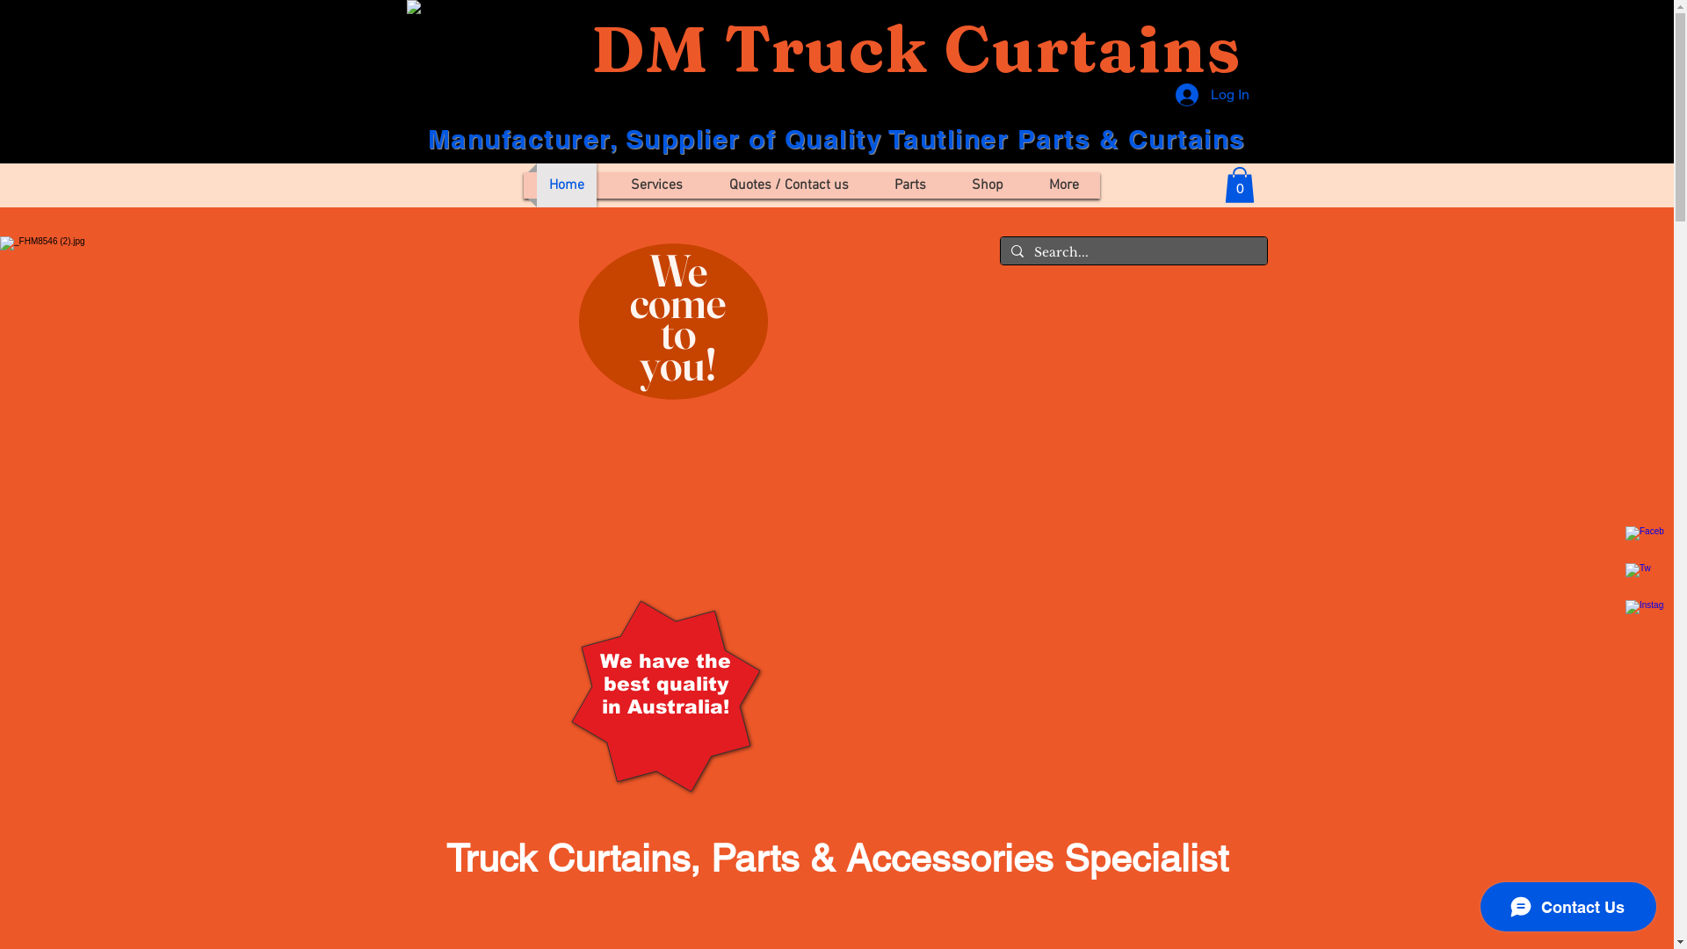 The height and width of the screenshot is (949, 1687). Describe the element at coordinates (787, 185) in the screenshot. I see `'Quotes / Contact us'` at that location.